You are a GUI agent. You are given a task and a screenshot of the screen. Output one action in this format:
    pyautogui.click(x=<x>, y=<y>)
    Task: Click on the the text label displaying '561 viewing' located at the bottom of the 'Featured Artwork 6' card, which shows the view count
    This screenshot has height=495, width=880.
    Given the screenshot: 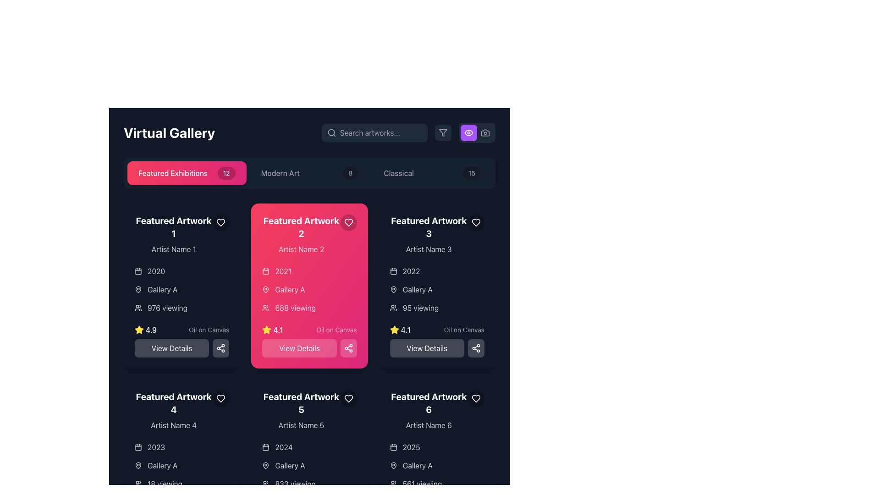 What is the action you would take?
    pyautogui.click(x=422, y=484)
    